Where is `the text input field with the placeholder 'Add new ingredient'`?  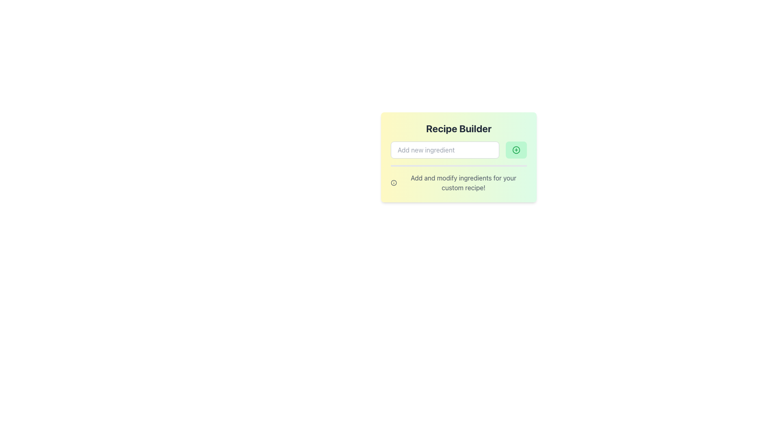 the text input field with the placeholder 'Add new ingredient' is located at coordinates (444, 150).